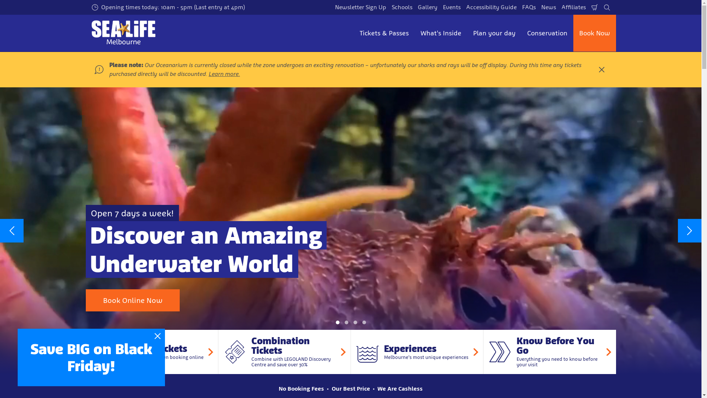 The width and height of the screenshot is (707, 398). Describe the element at coordinates (208, 74) in the screenshot. I see `'Learn more.'` at that location.